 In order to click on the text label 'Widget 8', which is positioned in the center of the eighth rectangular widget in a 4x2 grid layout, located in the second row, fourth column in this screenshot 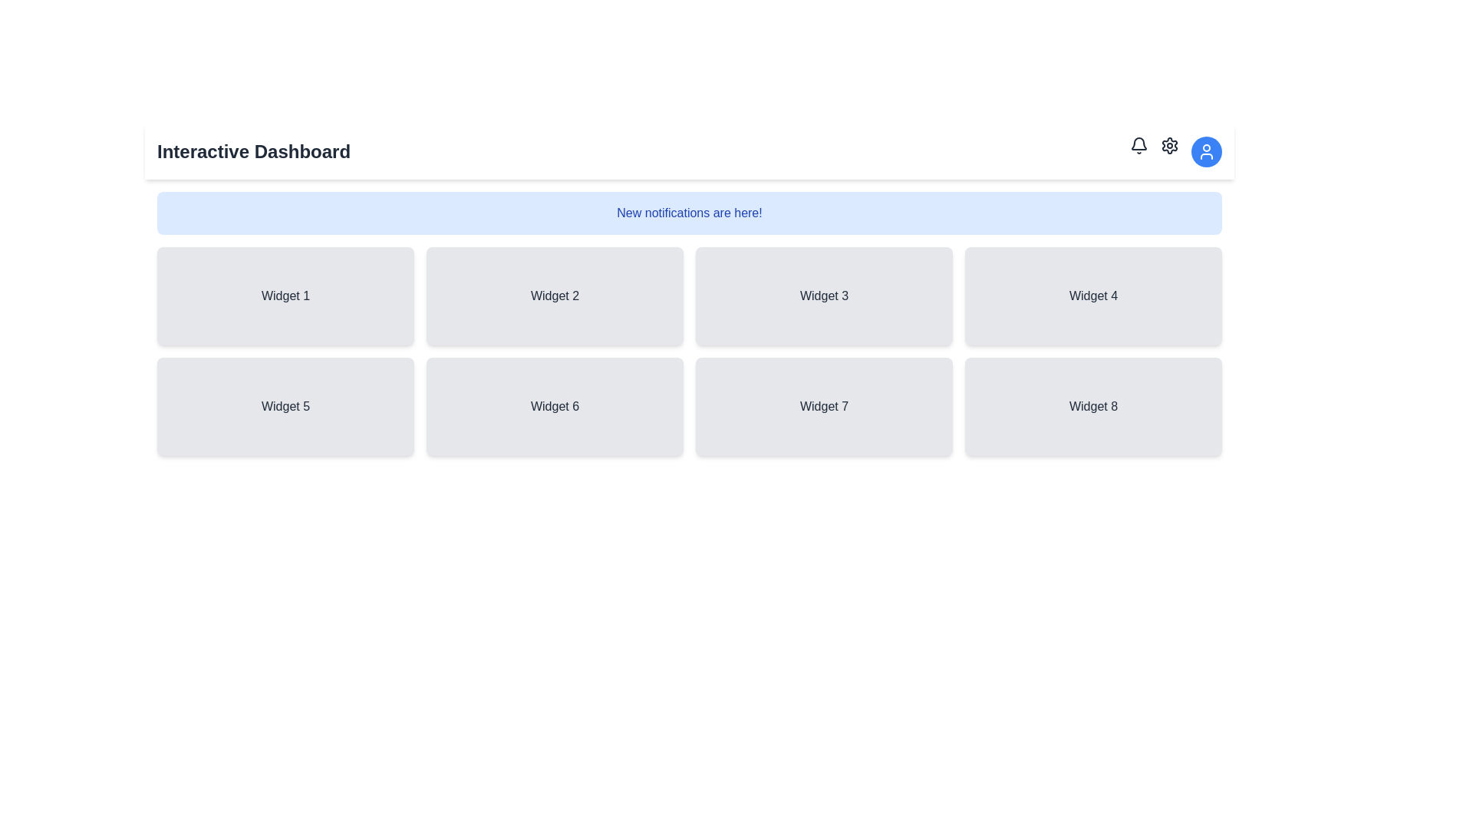, I will do `click(1092, 405)`.